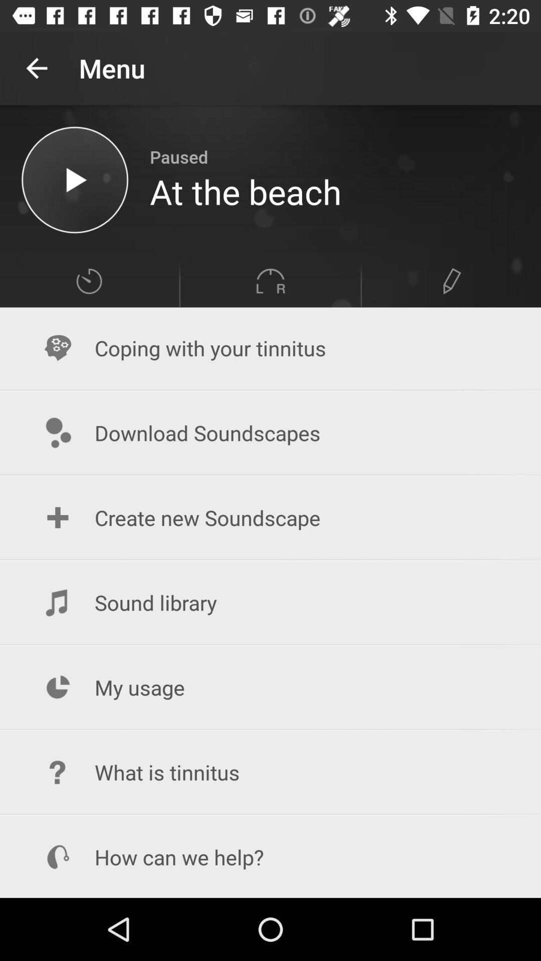 The height and width of the screenshot is (961, 541). Describe the element at coordinates (74, 180) in the screenshot. I see `the selected music` at that location.